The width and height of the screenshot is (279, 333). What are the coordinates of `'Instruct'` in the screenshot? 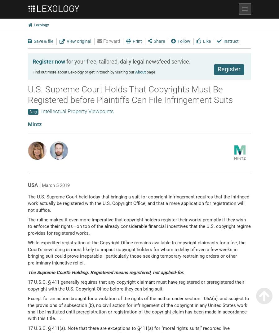 It's located at (230, 40).